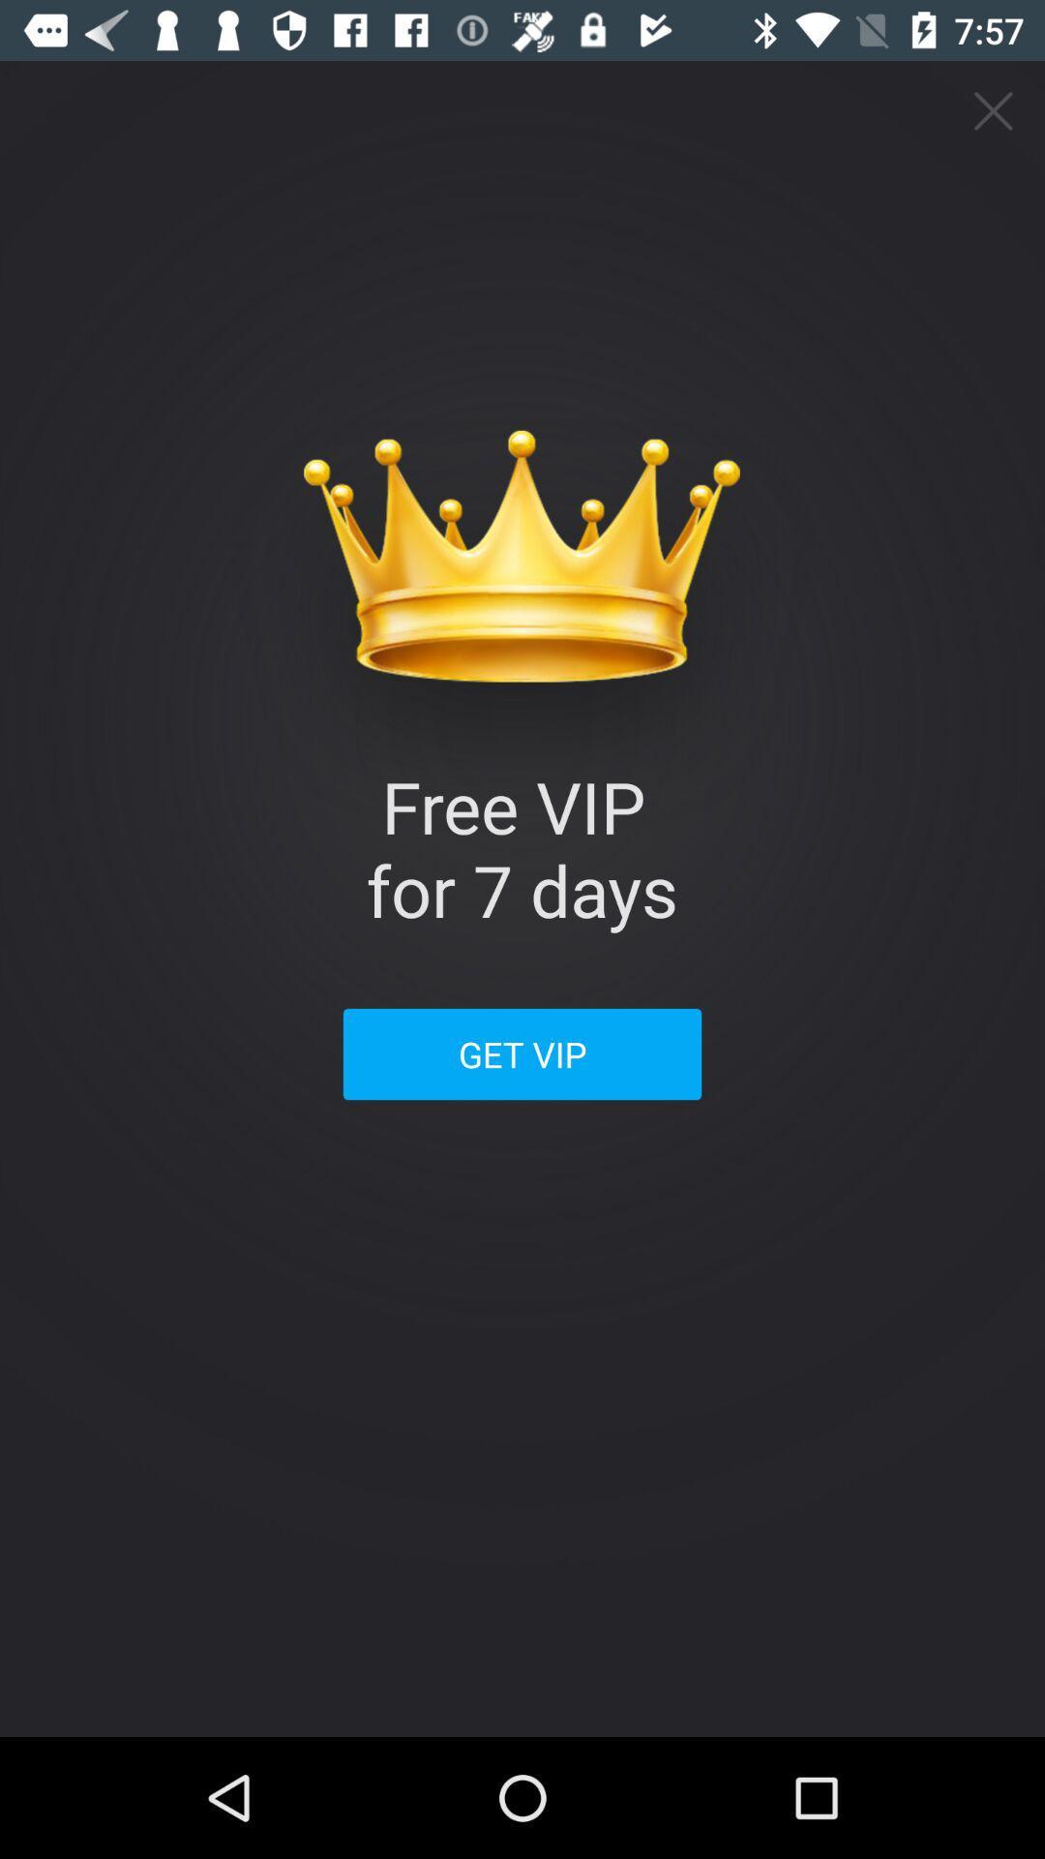 This screenshot has height=1859, width=1045. Describe the element at coordinates (994, 110) in the screenshot. I see `icon at the top right corner` at that location.